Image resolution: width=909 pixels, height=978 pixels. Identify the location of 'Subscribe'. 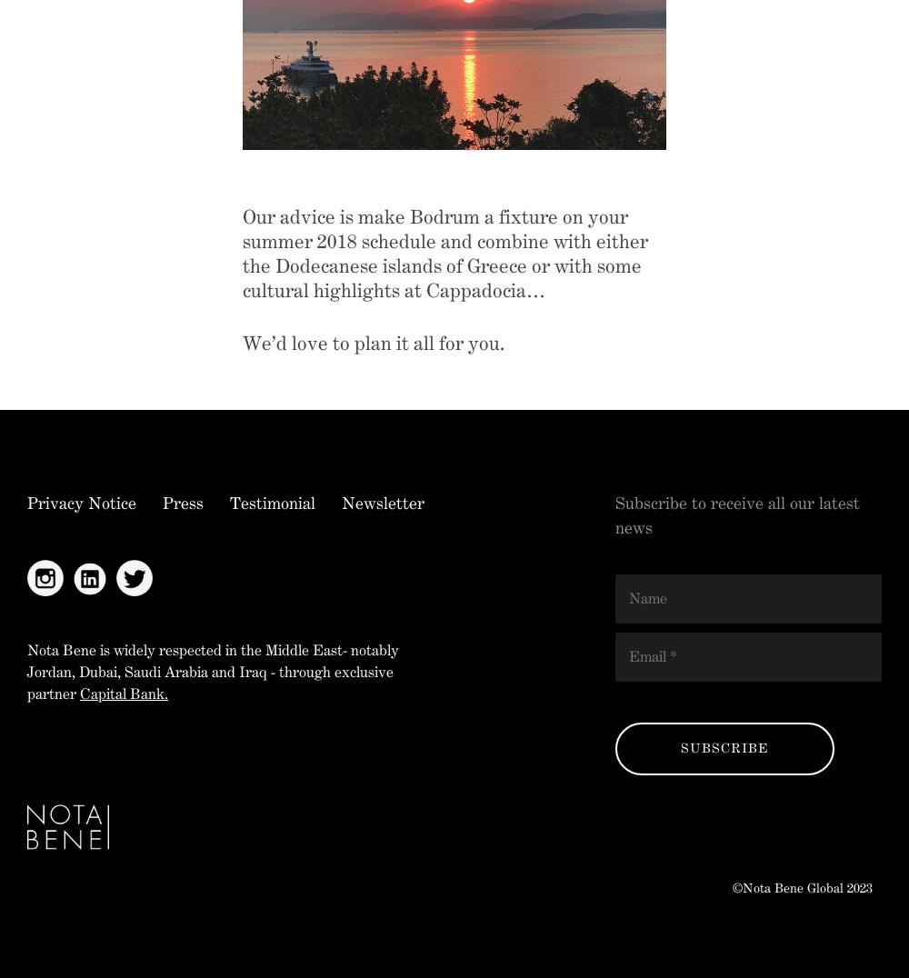
(679, 747).